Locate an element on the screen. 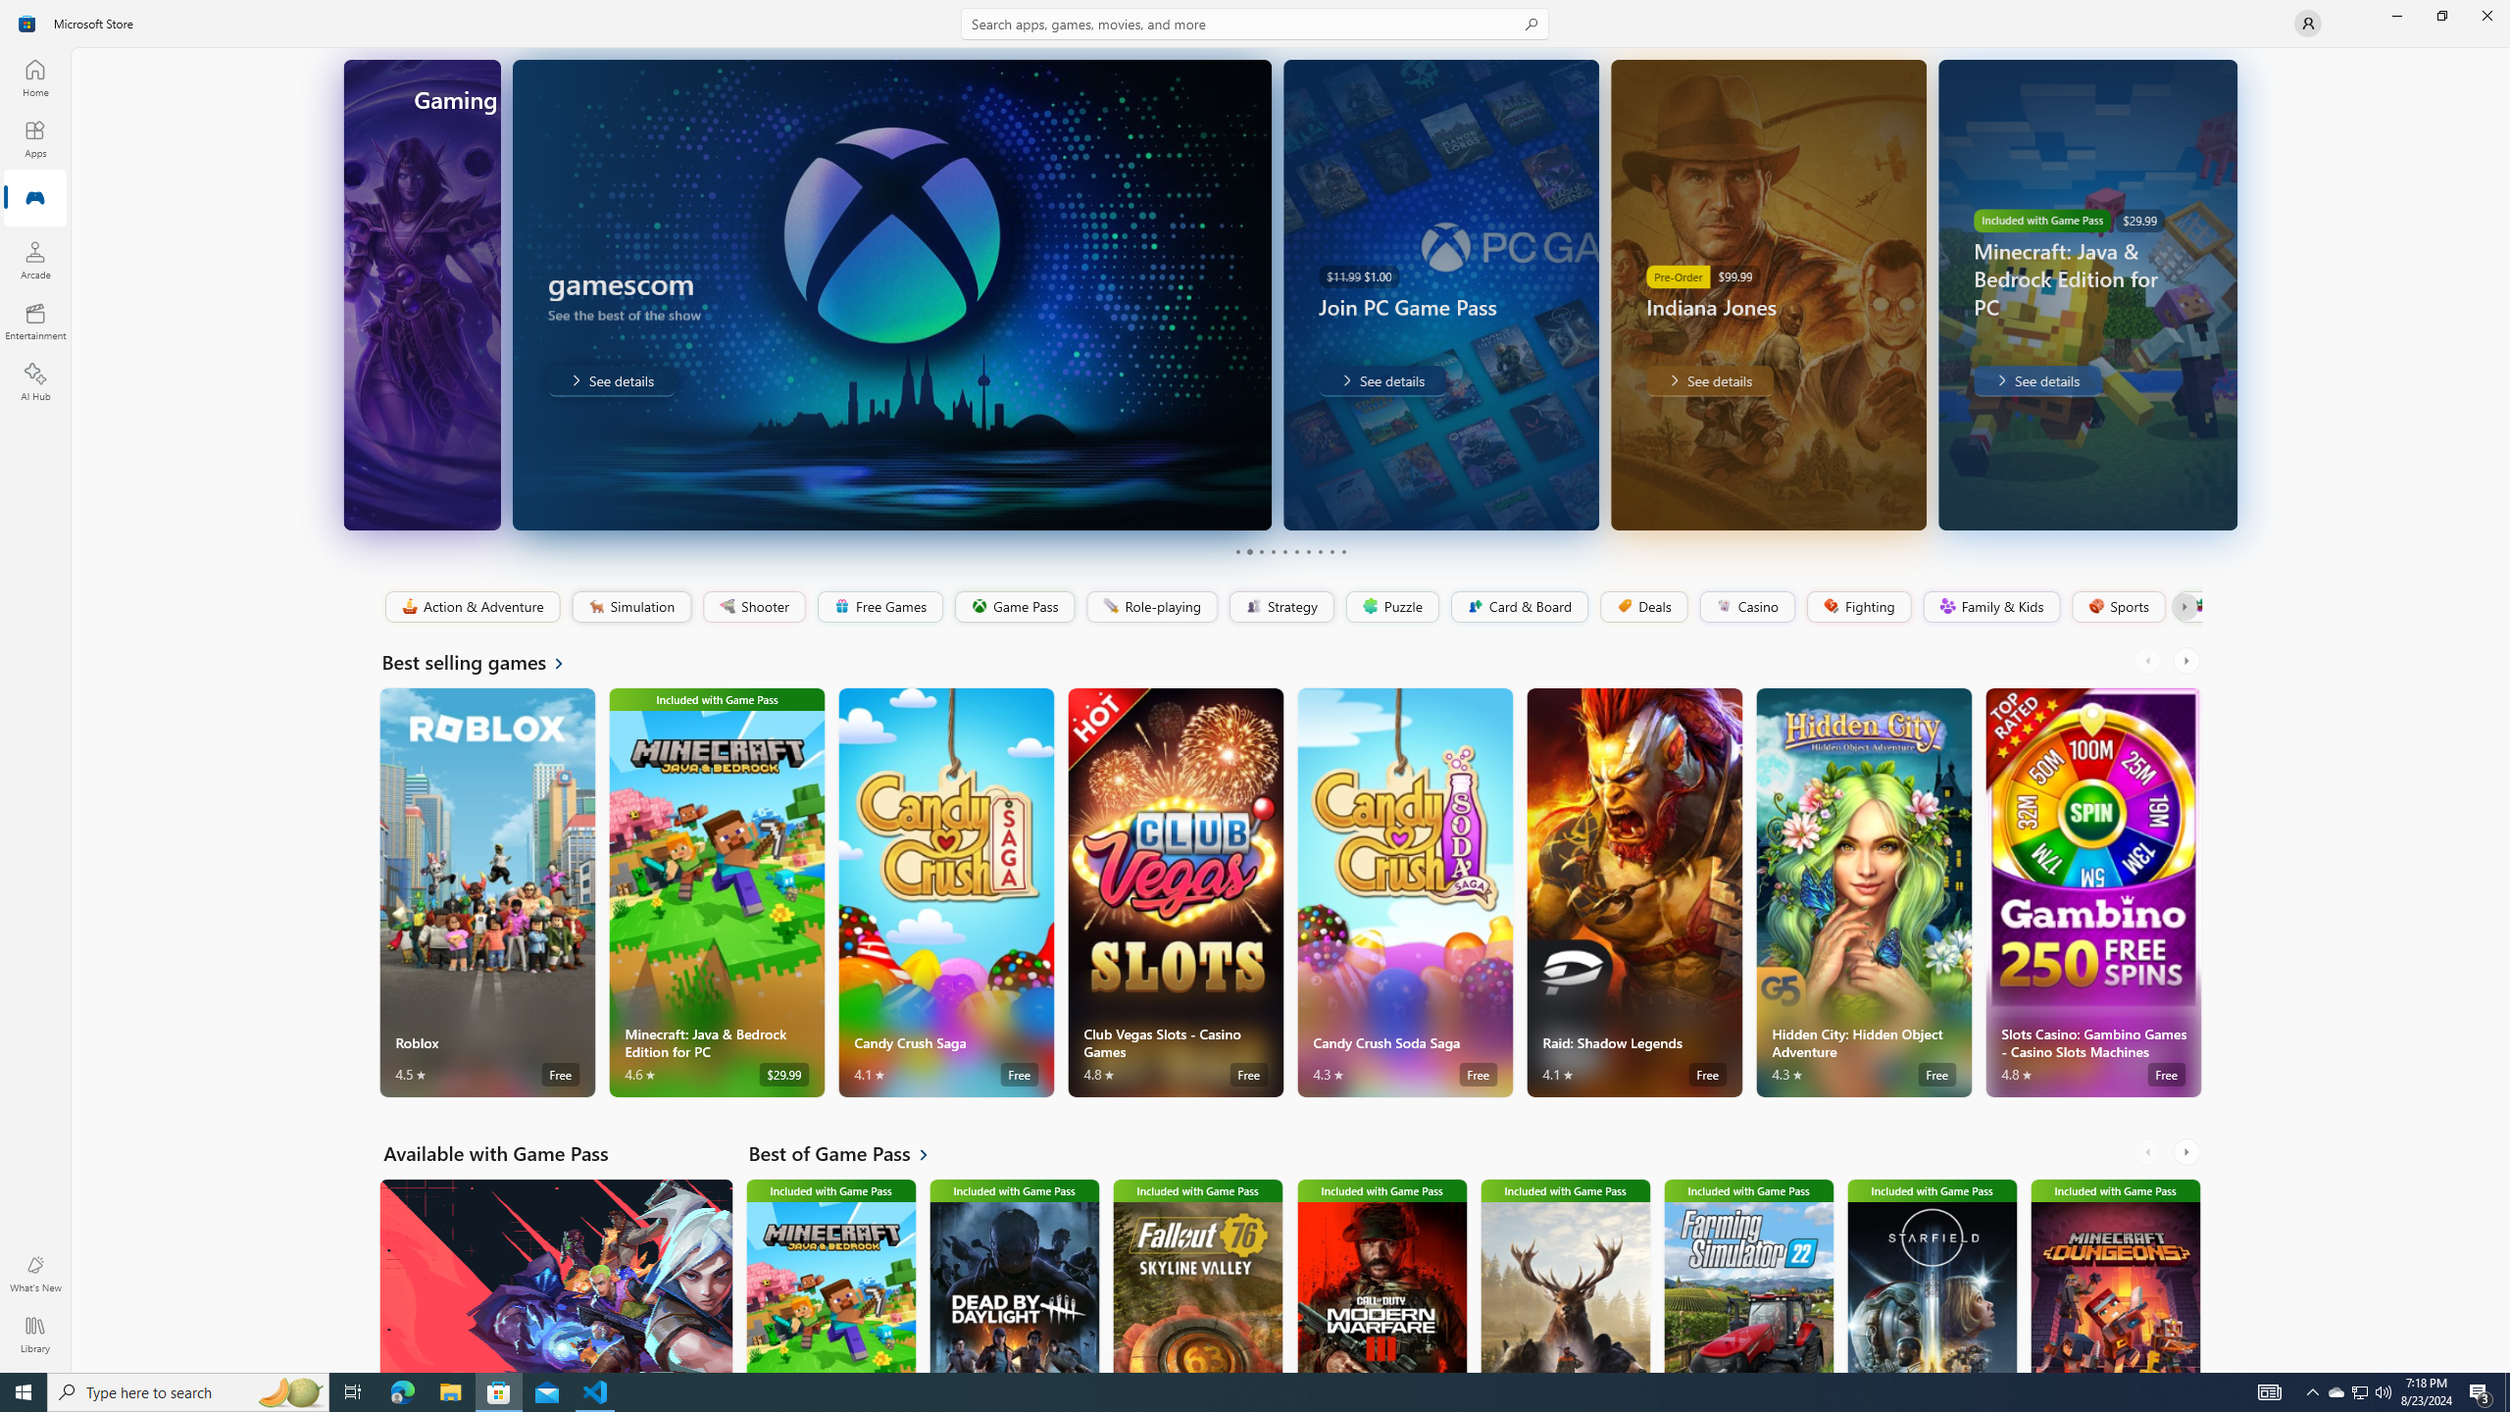 Image resolution: width=2510 pixels, height=1412 pixels. 'Fighting' is located at coordinates (1858, 606).